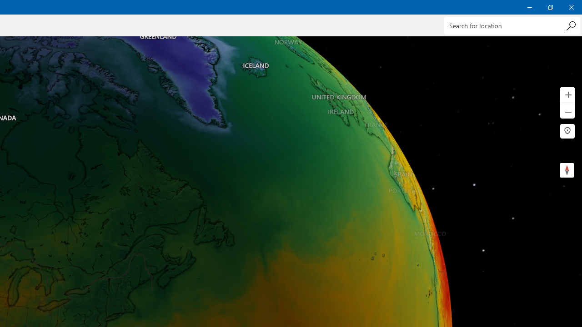 The width and height of the screenshot is (582, 327). What do you see at coordinates (550, 7) in the screenshot?
I see `'Restore Weather'` at bounding box center [550, 7].